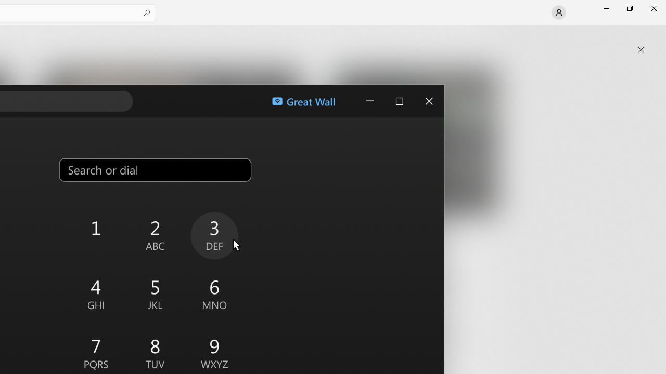  Describe the element at coordinates (606, 8) in the screenshot. I see `'Minimize Microsoft Store'` at that location.